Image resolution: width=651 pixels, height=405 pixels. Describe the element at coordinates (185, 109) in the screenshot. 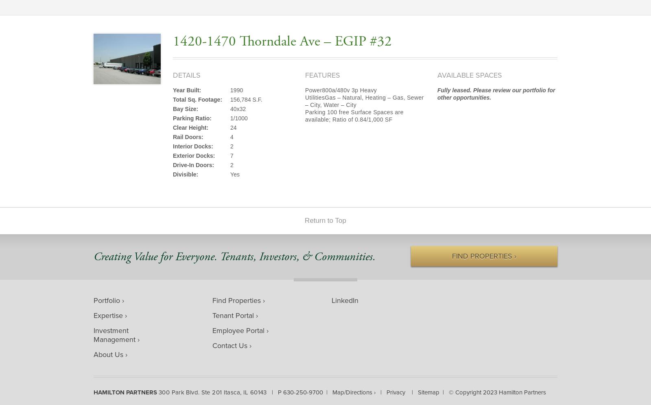

I see `'Bay Size:'` at that location.